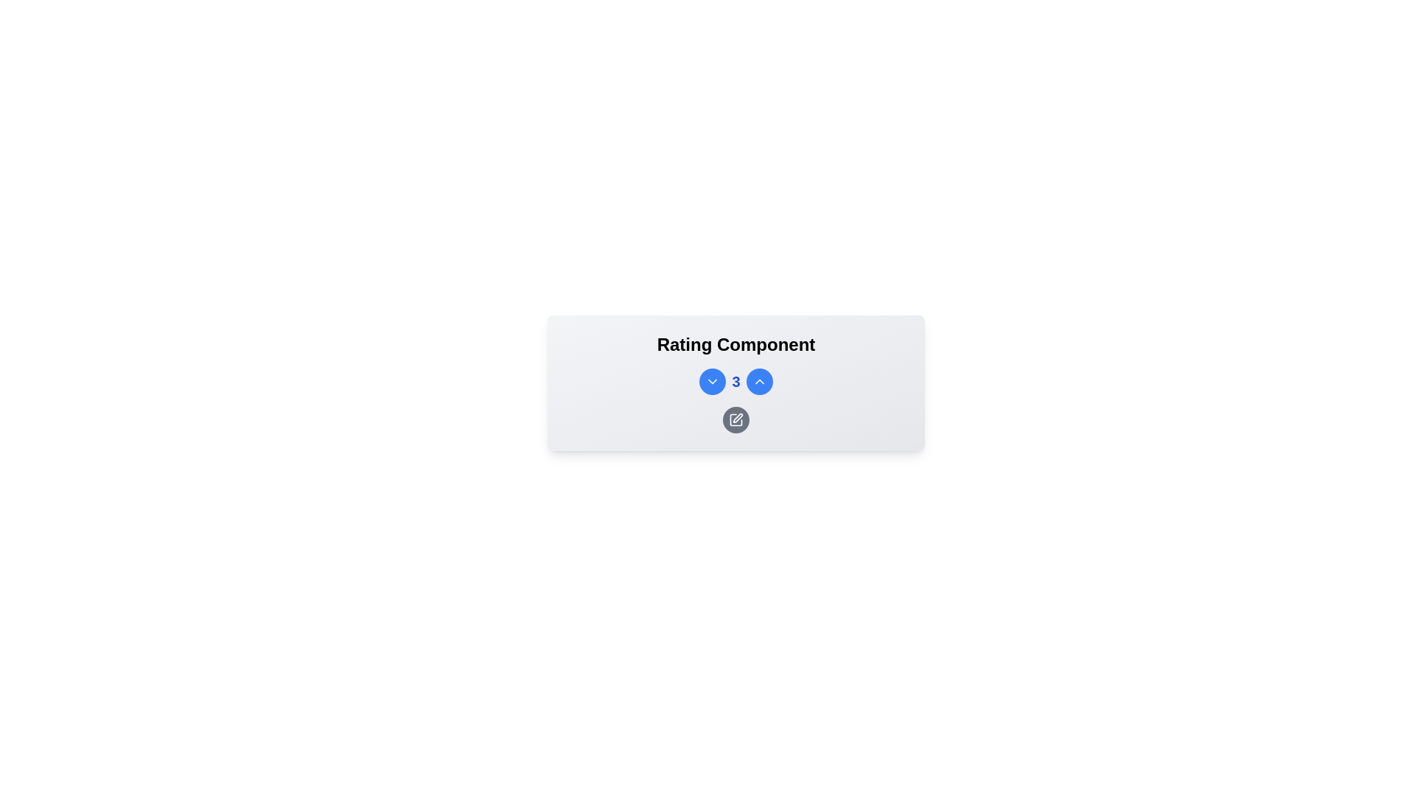  Describe the element at coordinates (738, 418) in the screenshot. I see `the edit icon located below the numeric rating display to initiate an edit action` at that location.